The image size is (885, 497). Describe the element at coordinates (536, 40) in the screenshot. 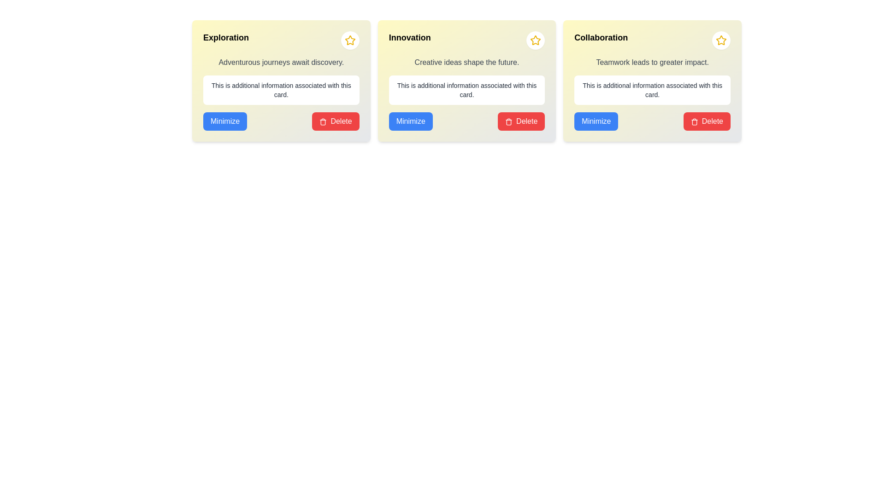

I see `the star icon located in the top-right corner of the third Collaboration card` at that location.